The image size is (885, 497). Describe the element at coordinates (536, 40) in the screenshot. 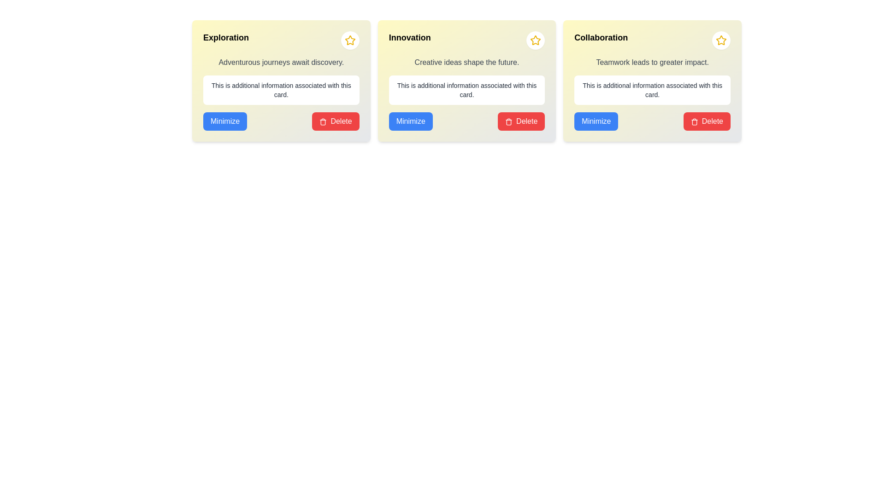

I see `the star icon located in the top-right corner of the third Collaboration card` at that location.